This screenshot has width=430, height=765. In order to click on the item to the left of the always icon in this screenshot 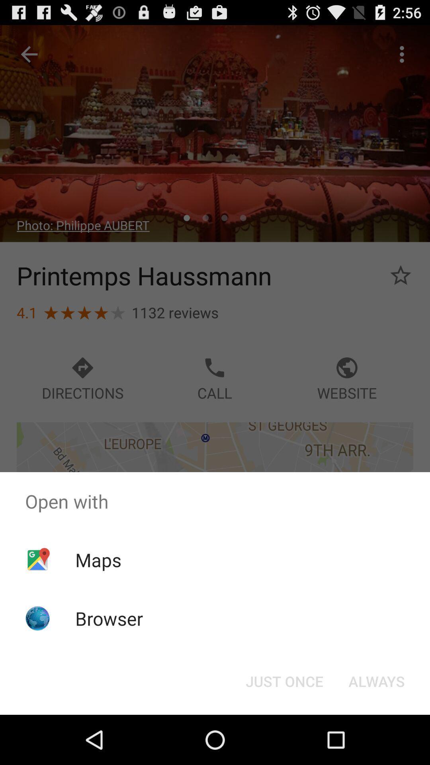, I will do `click(284, 681)`.